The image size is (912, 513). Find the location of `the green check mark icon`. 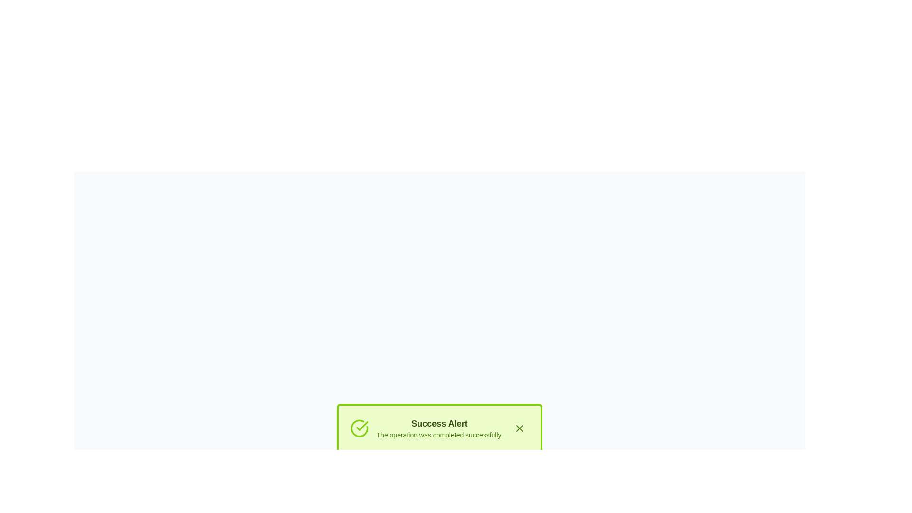

the green check mark icon is located at coordinates (361, 426).